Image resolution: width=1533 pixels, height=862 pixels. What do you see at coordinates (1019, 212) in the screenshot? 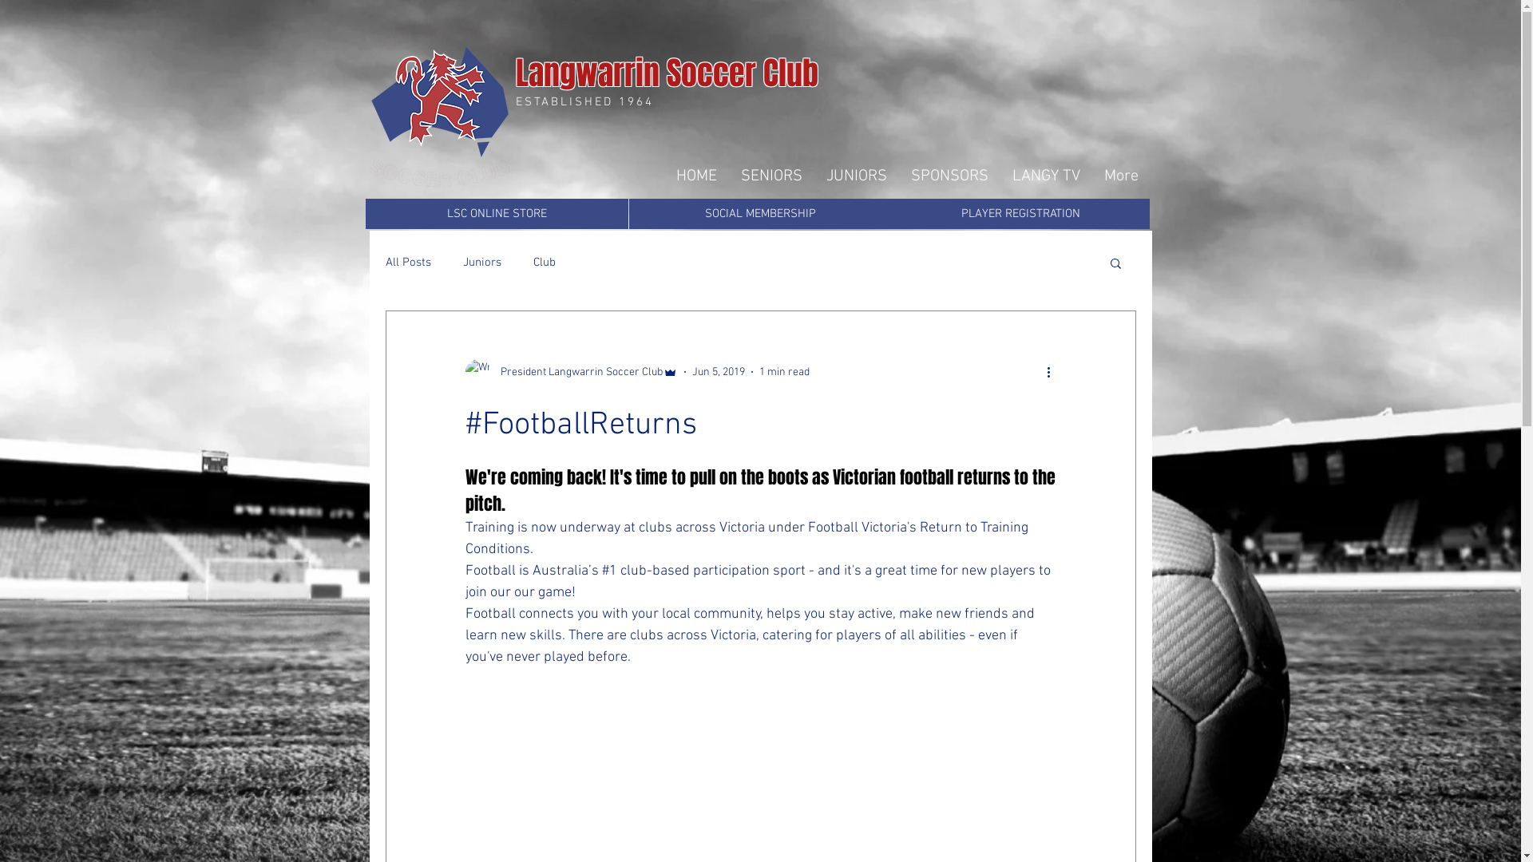
I see `'PLAYER REGISTRATION'` at bounding box center [1019, 212].